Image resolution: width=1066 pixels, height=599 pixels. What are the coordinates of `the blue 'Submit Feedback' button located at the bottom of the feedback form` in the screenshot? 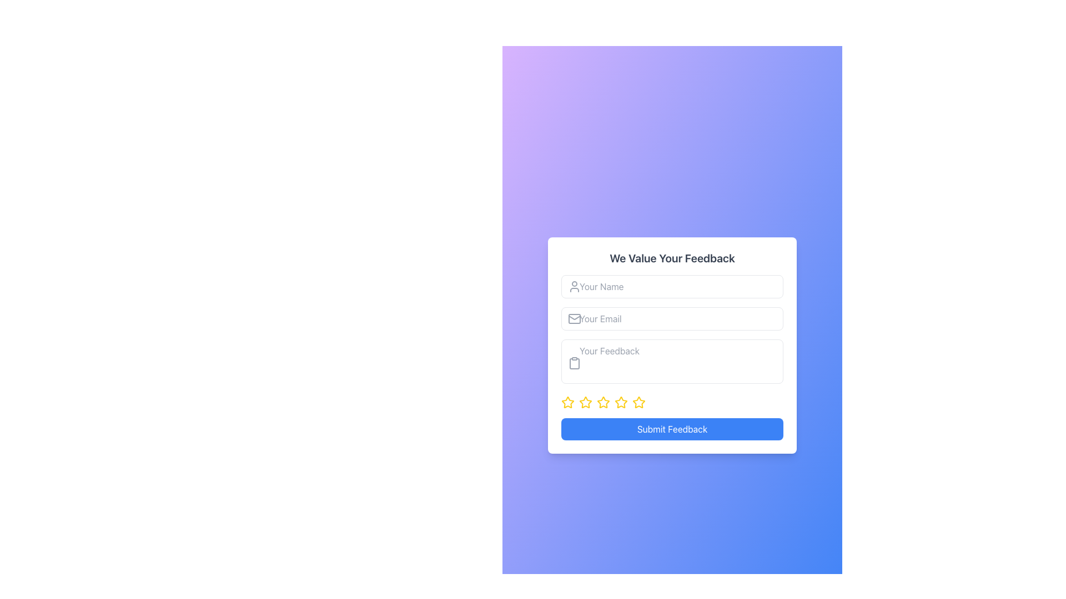 It's located at (671, 429).